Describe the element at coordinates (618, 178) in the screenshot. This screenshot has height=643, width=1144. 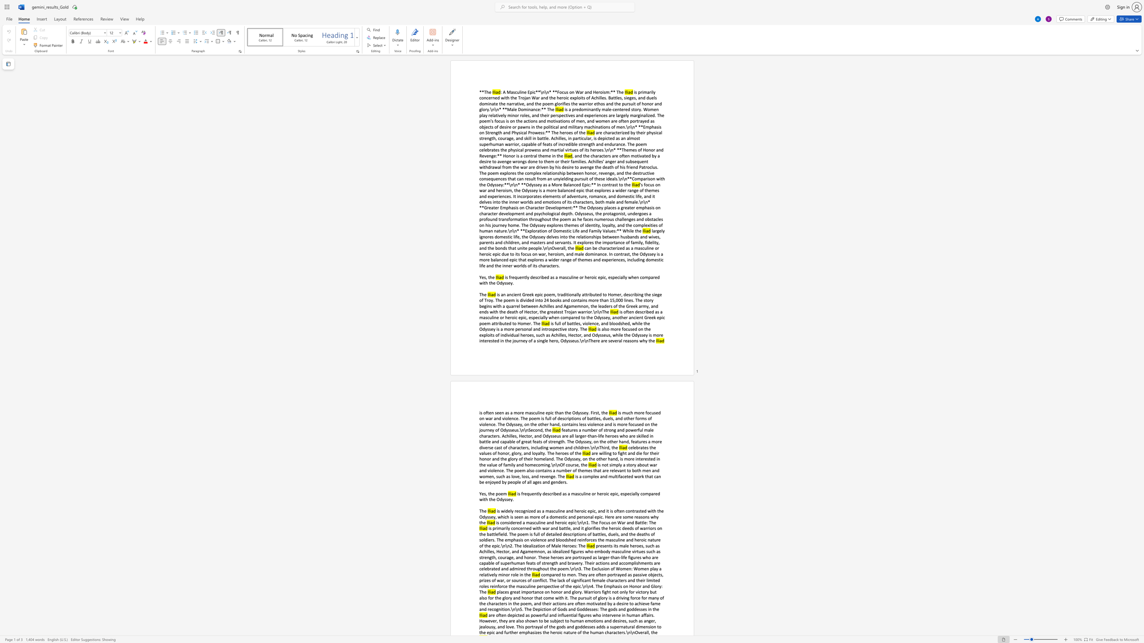
I see `the subset text "\n\n" within the text ", and the characters are often motivated by a desire to avenge wrongs done to them or their families. Achilles"` at that location.